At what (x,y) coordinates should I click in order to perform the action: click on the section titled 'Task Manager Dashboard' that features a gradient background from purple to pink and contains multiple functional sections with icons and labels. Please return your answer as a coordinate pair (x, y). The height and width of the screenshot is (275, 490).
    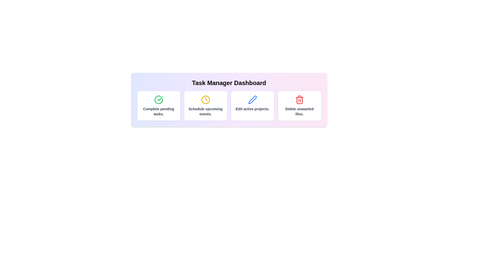
    Looking at the image, I should click on (229, 100).